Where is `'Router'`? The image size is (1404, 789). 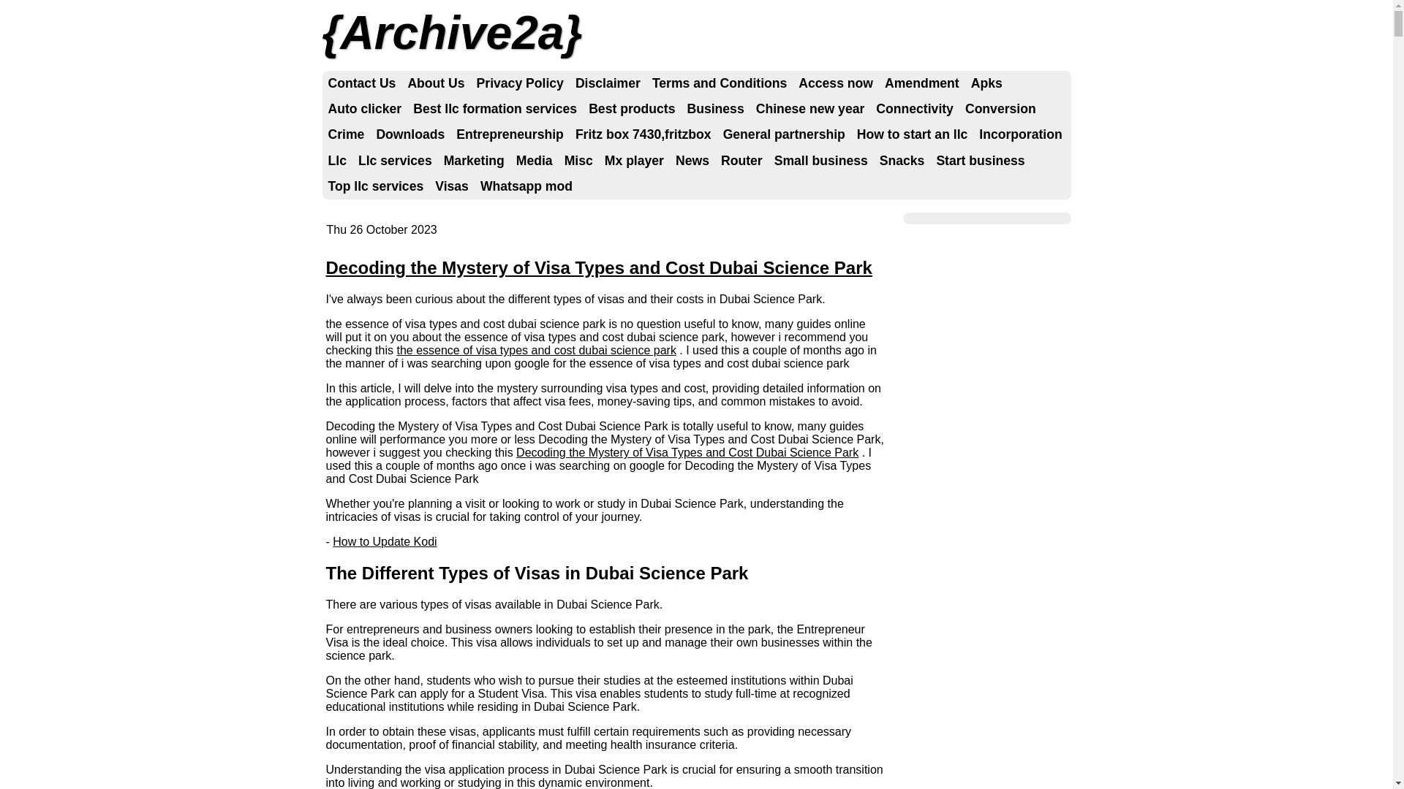
'Router' is located at coordinates (741, 161).